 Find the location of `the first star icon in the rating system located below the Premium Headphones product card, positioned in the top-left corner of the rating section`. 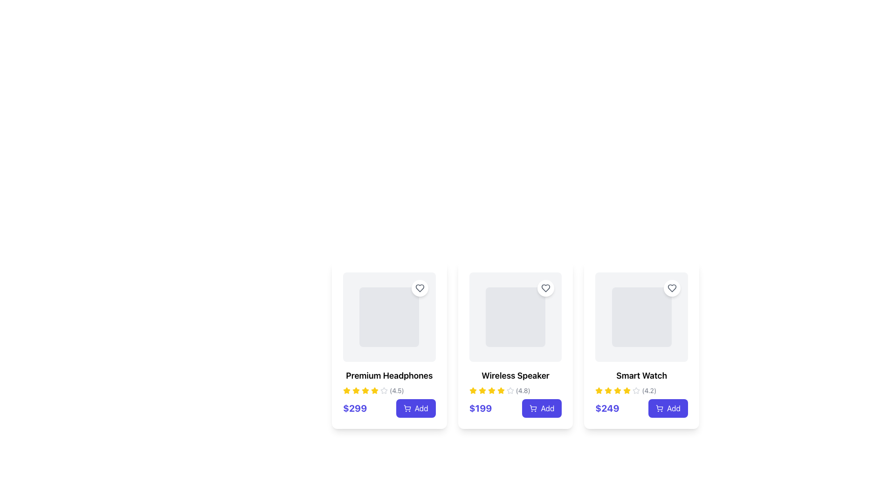

the first star icon in the rating system located below the Premium Headphones product card, positioned in the top-left corner of the rating section is located at coordinates (355, 390).